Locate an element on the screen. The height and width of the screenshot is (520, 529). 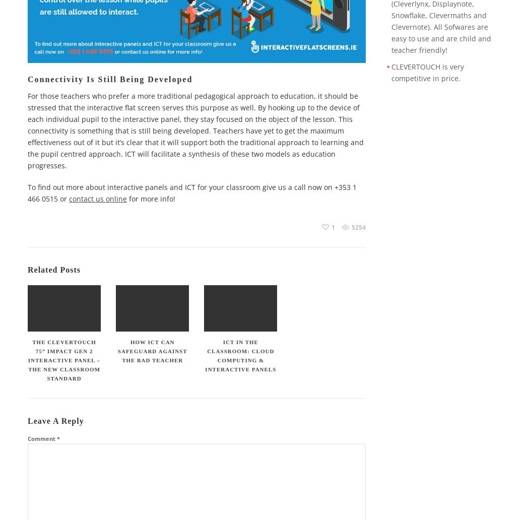
'*' is located at coordinates (56, 438).